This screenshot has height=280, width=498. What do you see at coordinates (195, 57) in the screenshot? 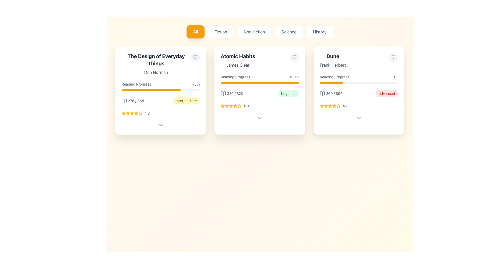
I see `the round gray button with a bookmark icon located at the upper-right corner of the card displaying 'The Design of Everyday Things' by Don Norman` at bounding box center [195, 57].